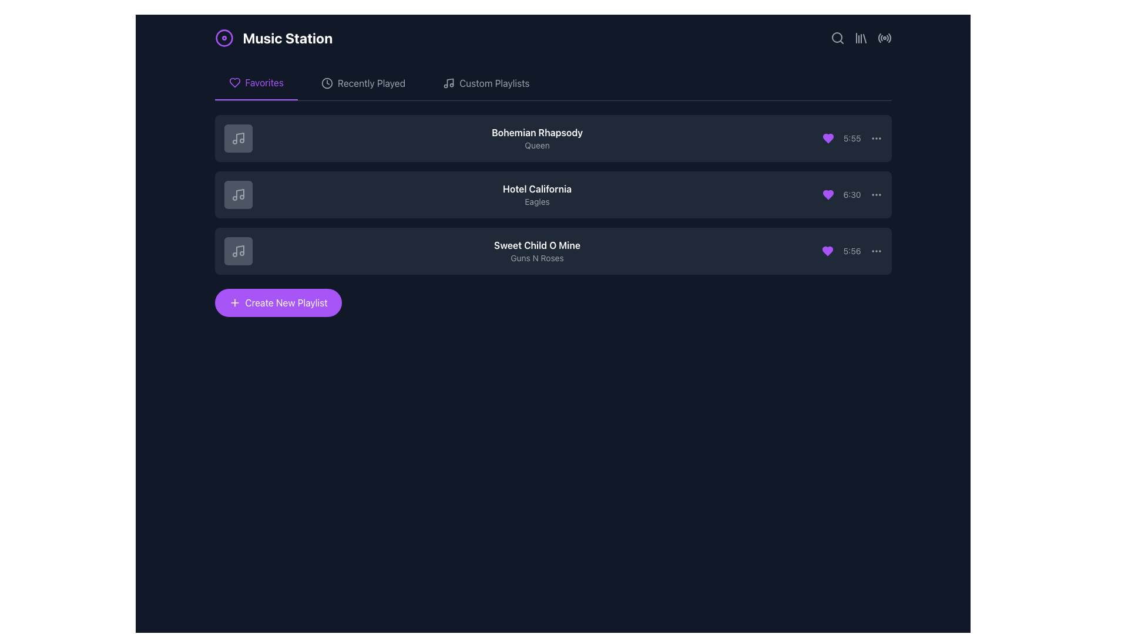  I want to click on the 'Custom Playlists' menu item in the upper section of the navigation bar, so click(494, 83).